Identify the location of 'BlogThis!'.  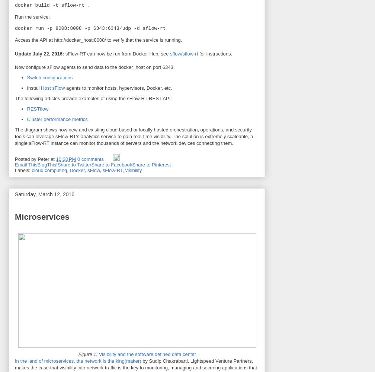
(47, 164).